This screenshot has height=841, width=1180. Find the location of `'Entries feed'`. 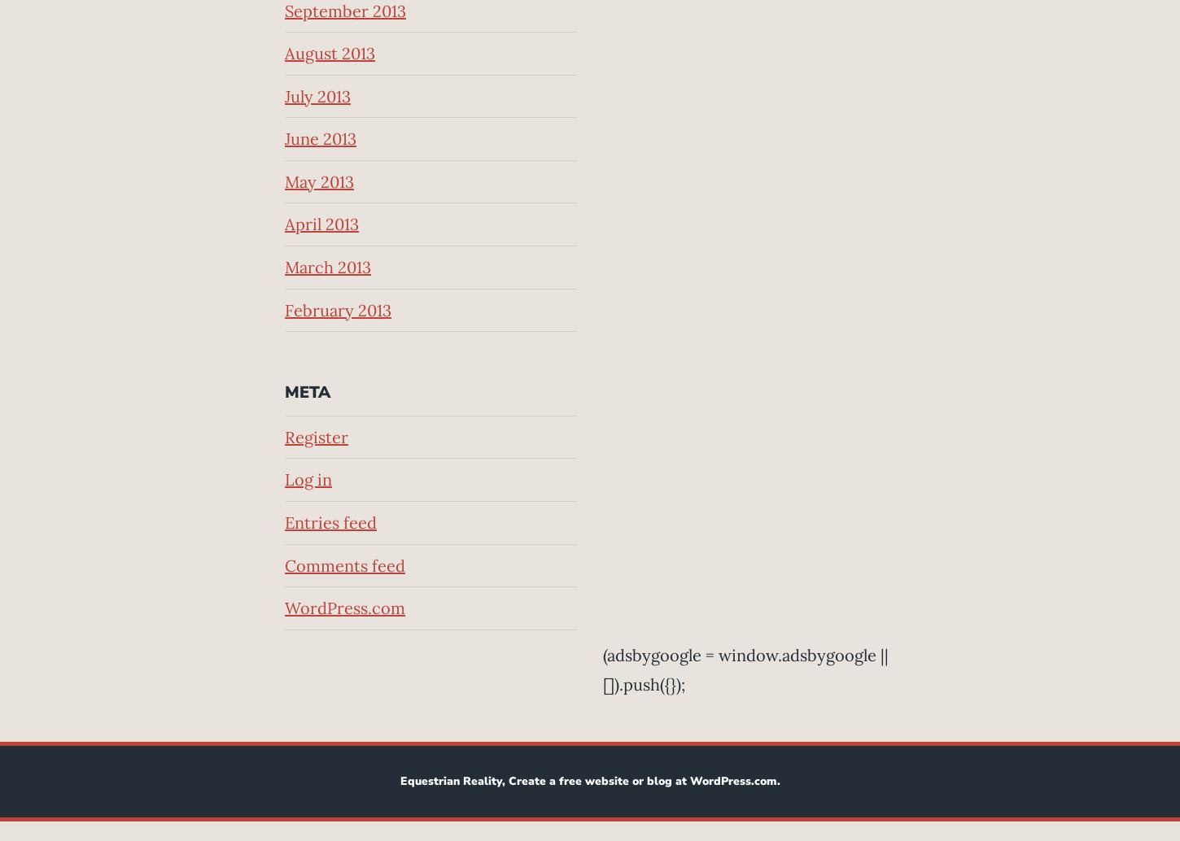

'Entries feed' is located at coordinates (330, 521).